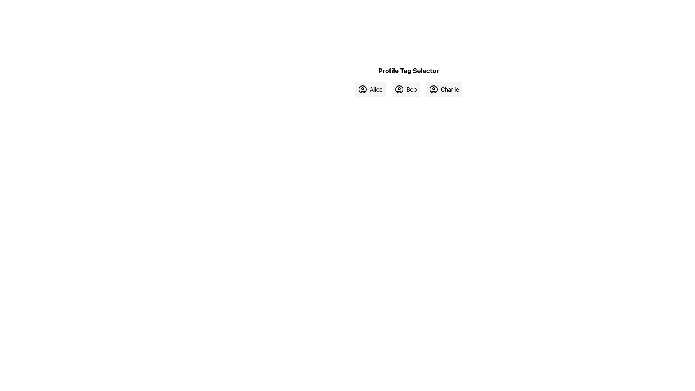  Describe the element at coordinates (376, 89) in the screenshot. I see `the text label displaying the name 'Alice', which is located within the second button of the 'Profile Tag Selector' row` at that location.